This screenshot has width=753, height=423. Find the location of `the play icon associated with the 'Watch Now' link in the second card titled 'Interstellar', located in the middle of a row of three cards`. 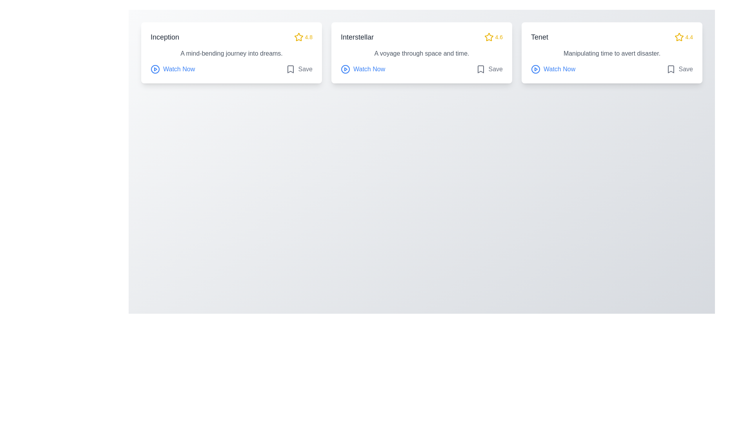

the play icon associated with the 'Watch Now' link in the second card titled 'Interstellar', located in the middle of a row of three cards is located at coordinates (345, 69).